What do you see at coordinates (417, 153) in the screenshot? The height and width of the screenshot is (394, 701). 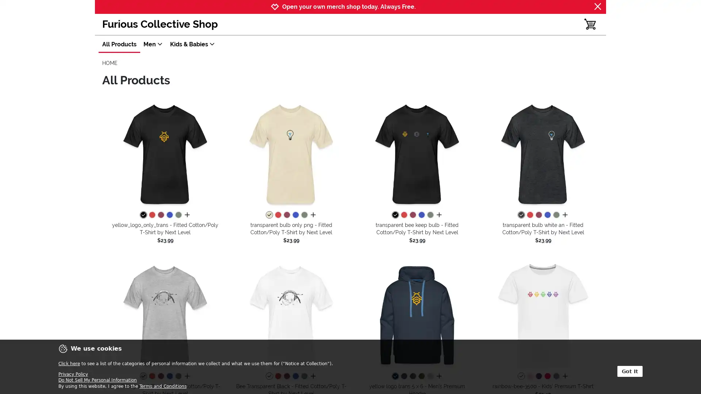 I see `transparent bee keep bulb - Fitted Cotton/Poly T-Shirt by Next Level` at bounding box center [417, 153].